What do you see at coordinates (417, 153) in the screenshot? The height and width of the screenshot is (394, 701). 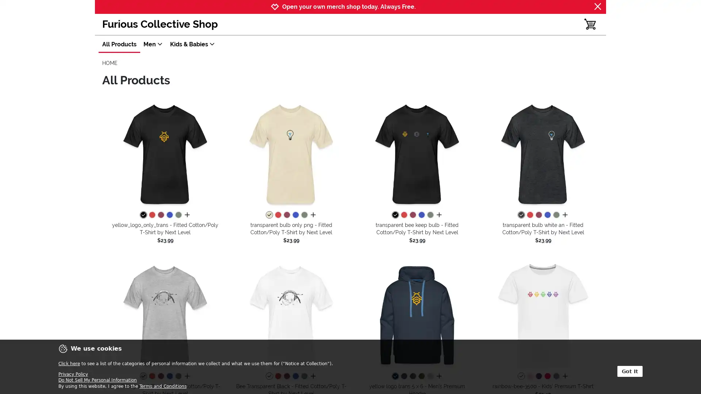 I see `transparent bee keep bulb - Fitted Cotton/Poly T-Shirt by Next Level` at bounding box center [417, 153].